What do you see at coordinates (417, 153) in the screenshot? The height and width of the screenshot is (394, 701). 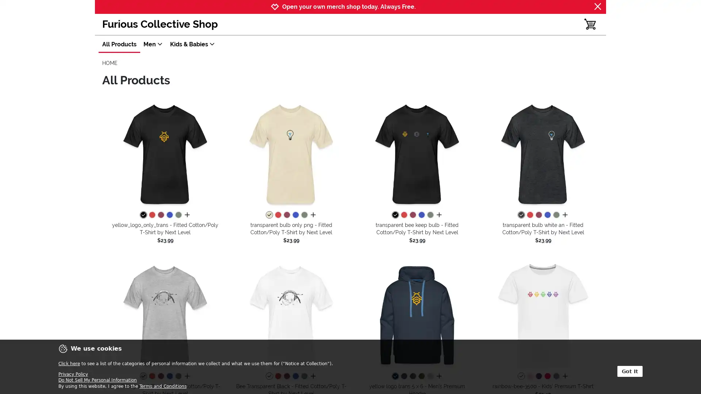 I see `transparent bee keep bulb - Fitted Cotton/Poly T-Shirt by Next Level` at bounding box center [417, 153].